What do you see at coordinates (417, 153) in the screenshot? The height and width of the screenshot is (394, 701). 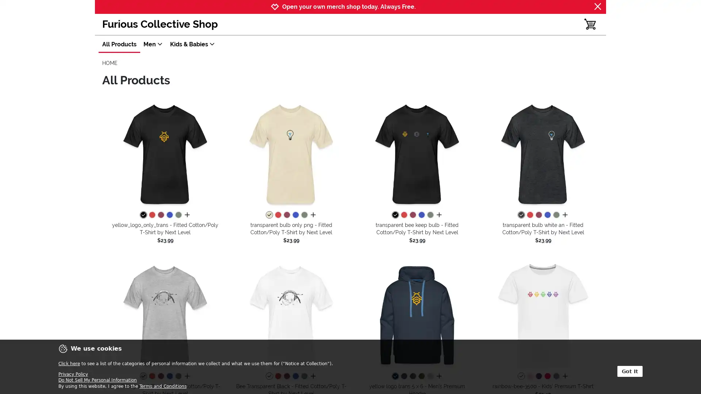 I see `transparent bee keep bulb - Fitted Cotton/Poly T-Shirt by Next Level` at bounding box center [417, 153].